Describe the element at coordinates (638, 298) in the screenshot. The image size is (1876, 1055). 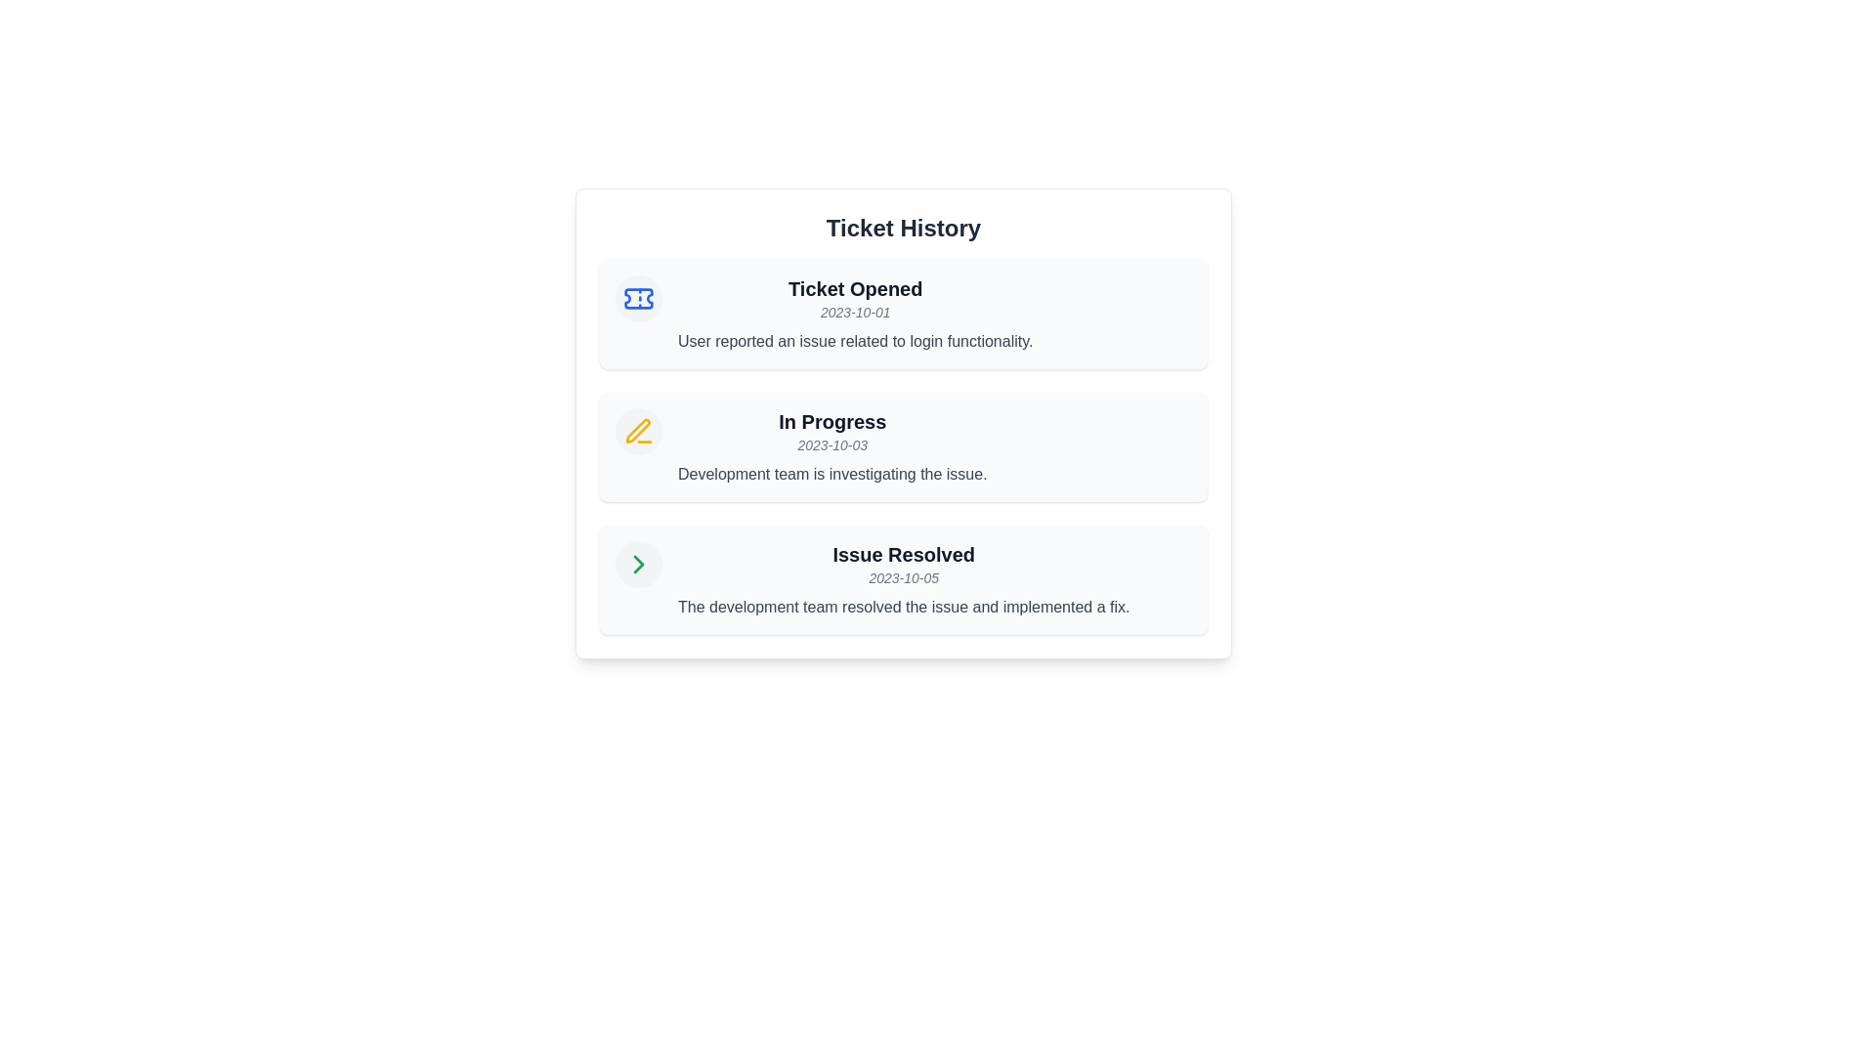
I see `the Icon with circular background that indicates ticket status, located at the top left of the 'Ticket Opened' card in the 'Ticket History' section` at that location.